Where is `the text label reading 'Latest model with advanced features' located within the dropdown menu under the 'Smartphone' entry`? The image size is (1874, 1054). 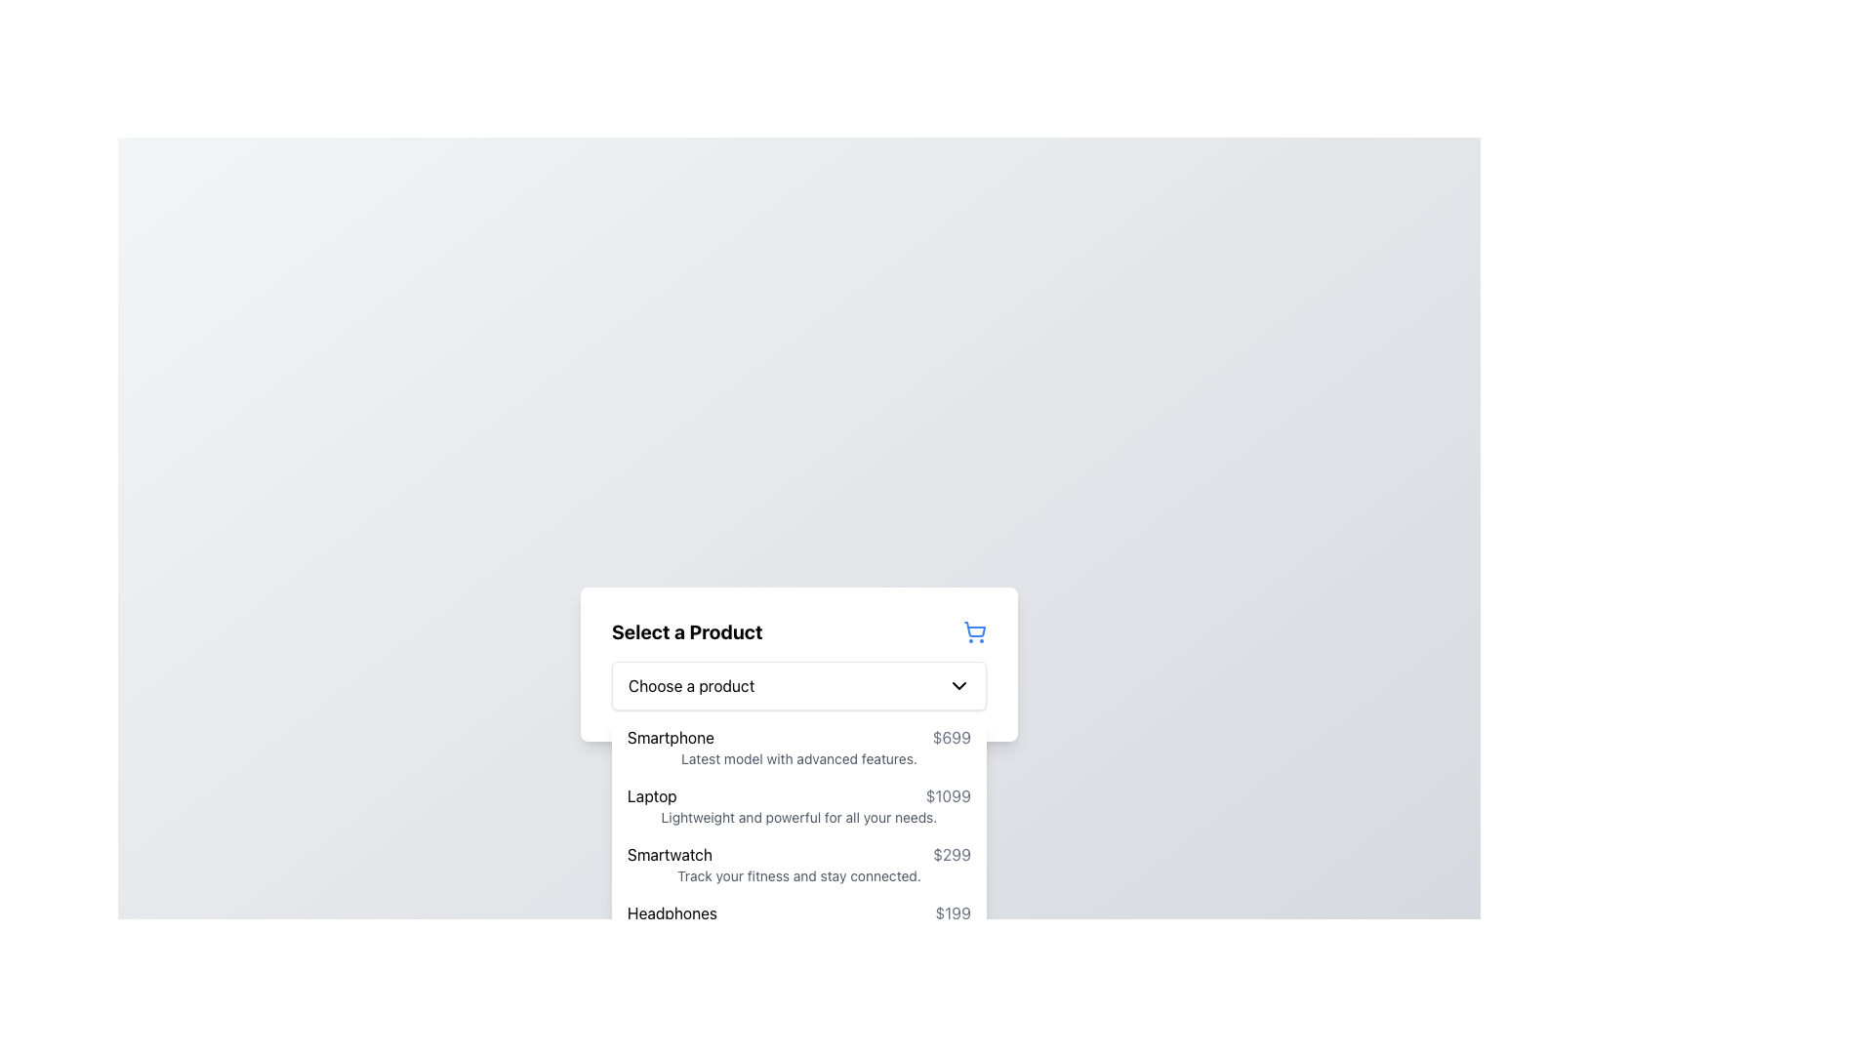
the text label reading 'Latest model with advanced features' located within the dropdown menu under the 'Smartphone' entry is located at coordinates (799, 758).